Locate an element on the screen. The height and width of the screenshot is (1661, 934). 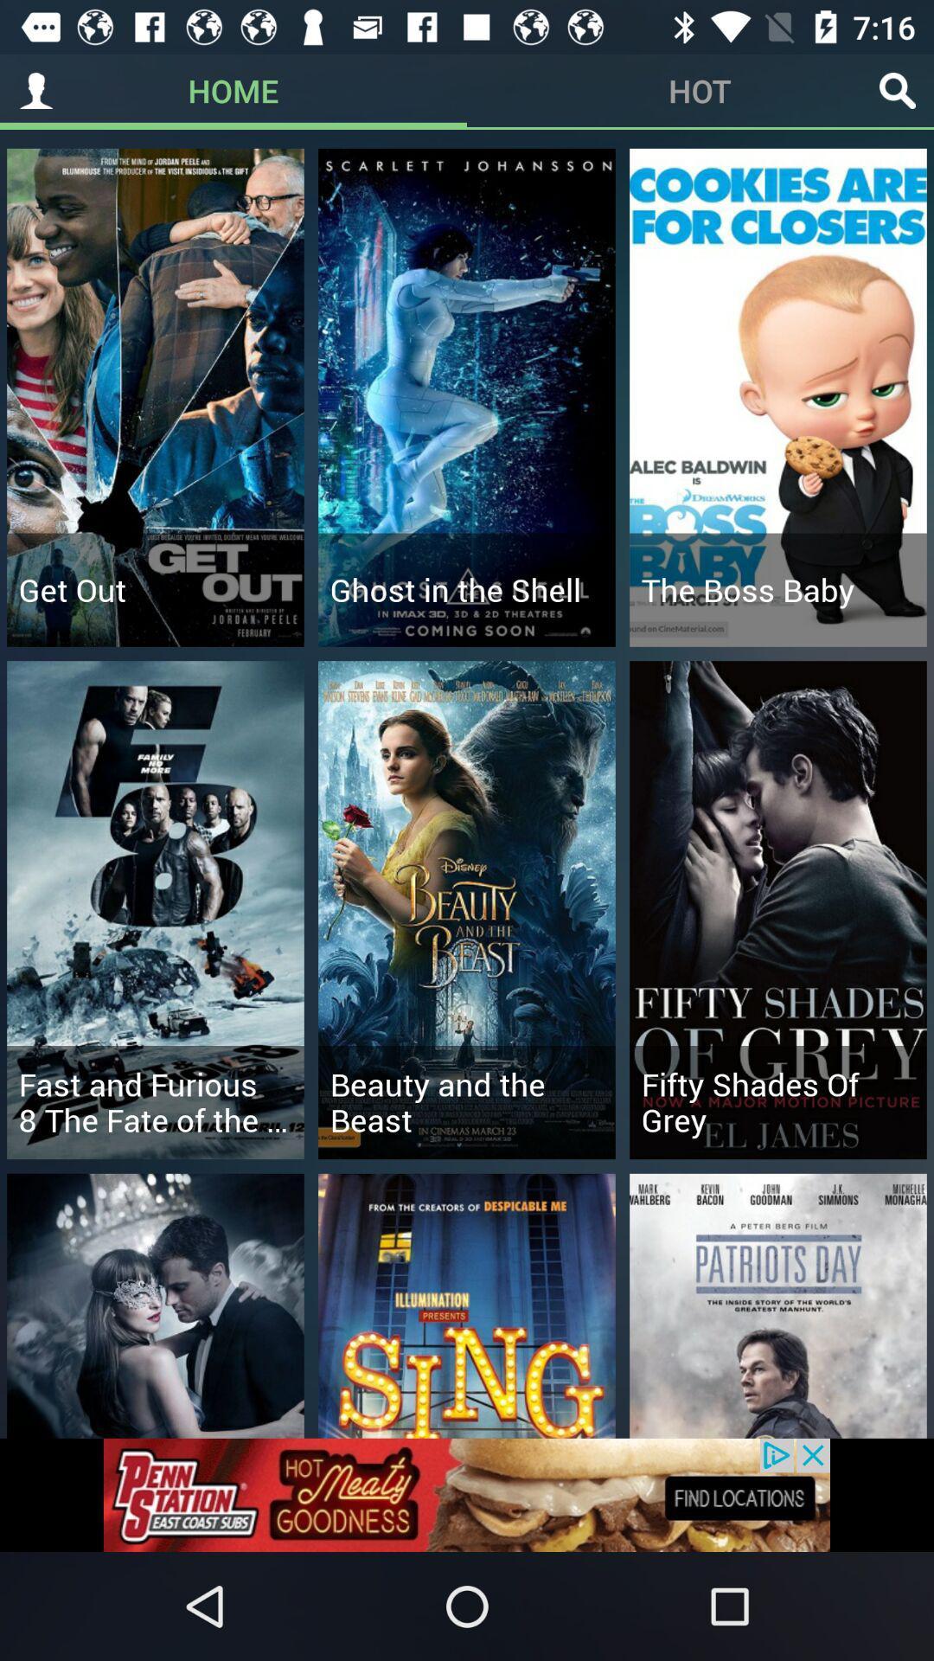
the avatar icon is located at coordinates (36, 90).